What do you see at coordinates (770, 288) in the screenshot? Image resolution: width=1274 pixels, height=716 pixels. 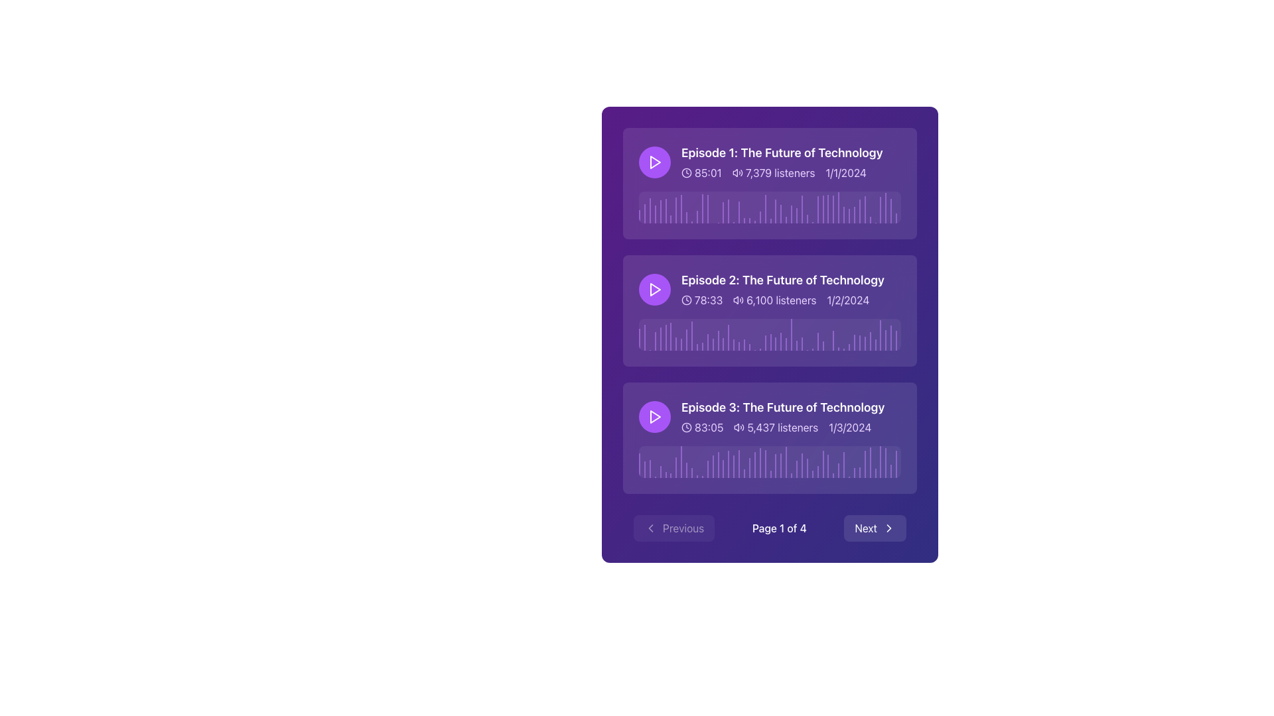 I see `the second list item containing the play button and episode metadata` at bounding box center [770, 288].